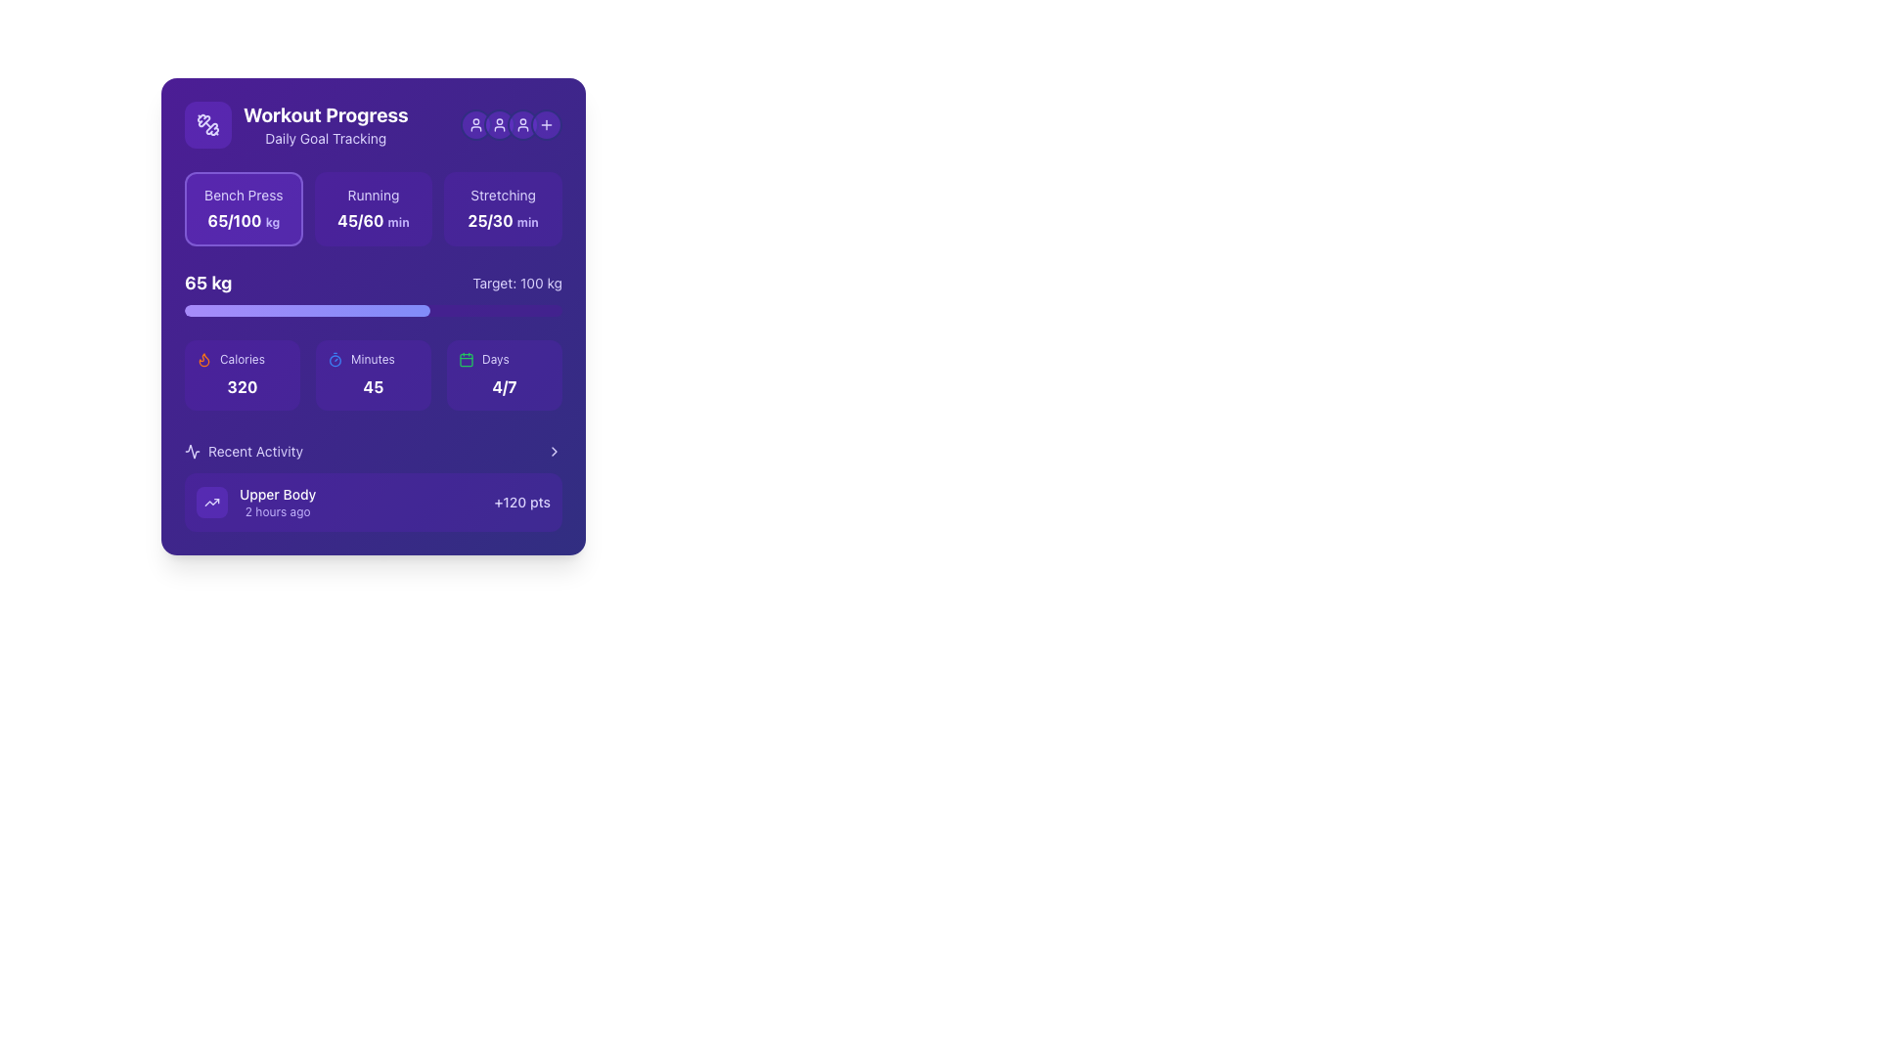 The image size is (1878, 1056). I want to click on the bold white number '45' in the middle of the purple informational panel that contains the text 'Minutes', so click(374, 375).